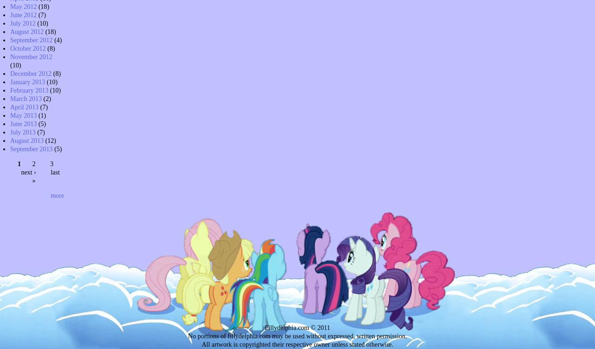 The width and height of the screenshot is (595, 349). I want to click on '3', so click(51, 163).